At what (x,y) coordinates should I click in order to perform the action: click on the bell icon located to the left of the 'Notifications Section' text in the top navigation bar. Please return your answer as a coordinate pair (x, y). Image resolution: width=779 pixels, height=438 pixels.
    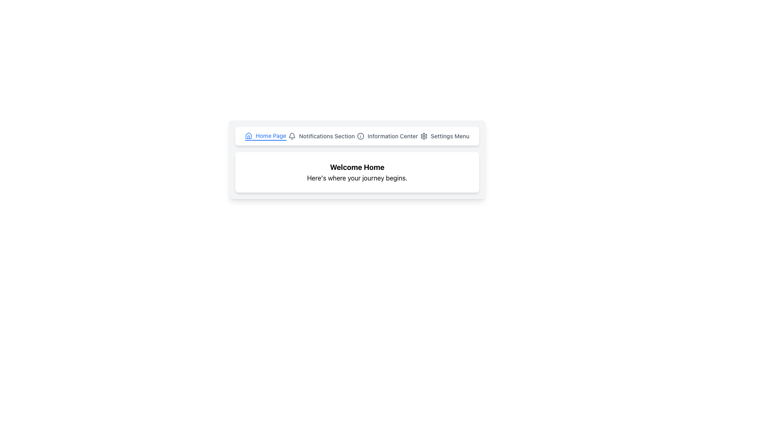
    Looking at the image, I should click on (292, 135).